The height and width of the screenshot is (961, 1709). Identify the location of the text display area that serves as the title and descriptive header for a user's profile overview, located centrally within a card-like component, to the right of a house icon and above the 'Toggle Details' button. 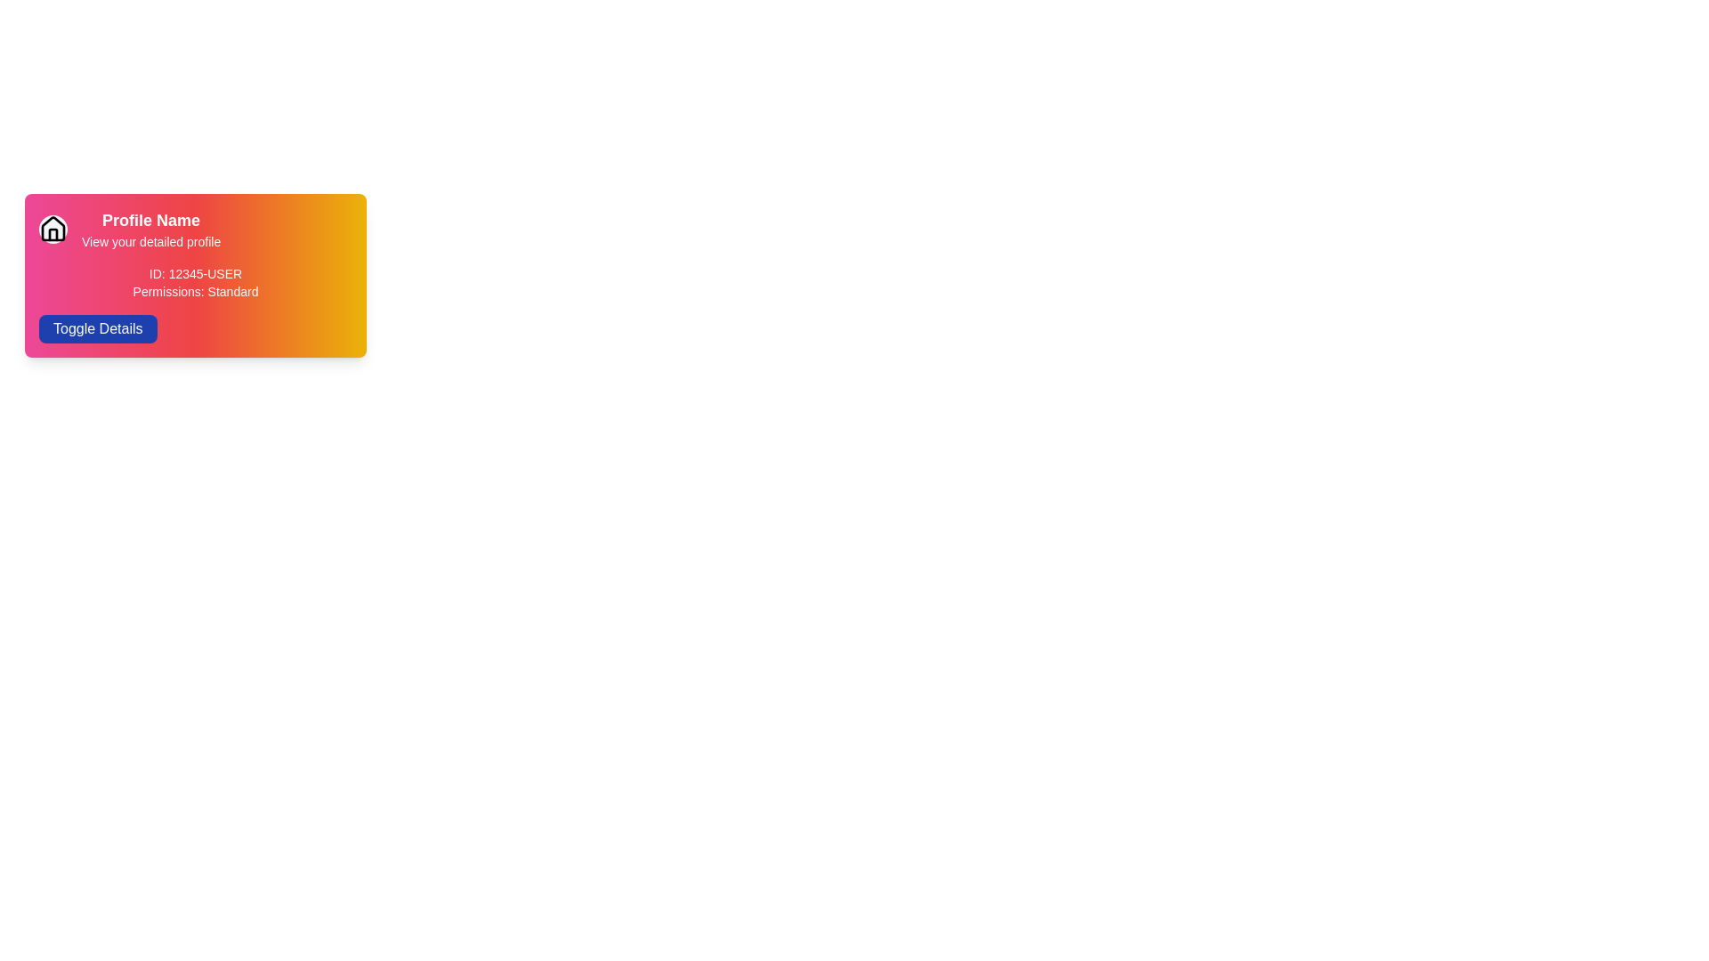
(151, 229).